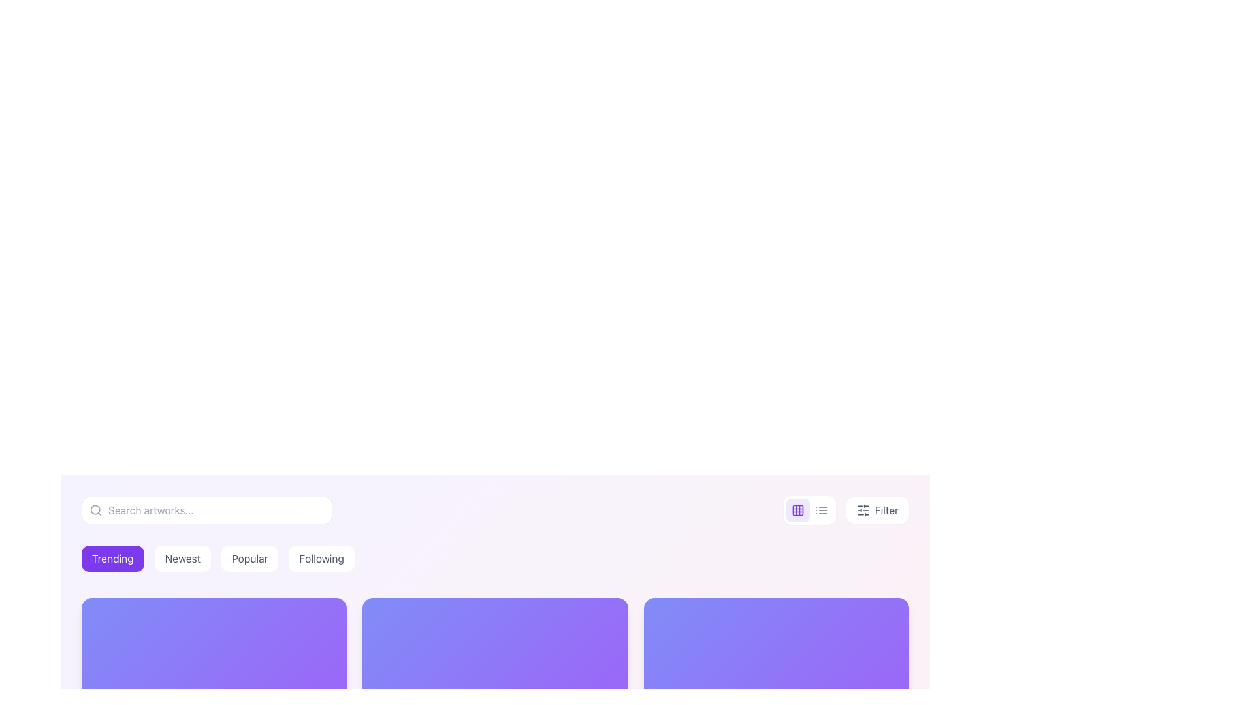  I want to click on the filter icon located to the left of the 'Filter' text in the top-right corner of the interface, so click(863, 510).